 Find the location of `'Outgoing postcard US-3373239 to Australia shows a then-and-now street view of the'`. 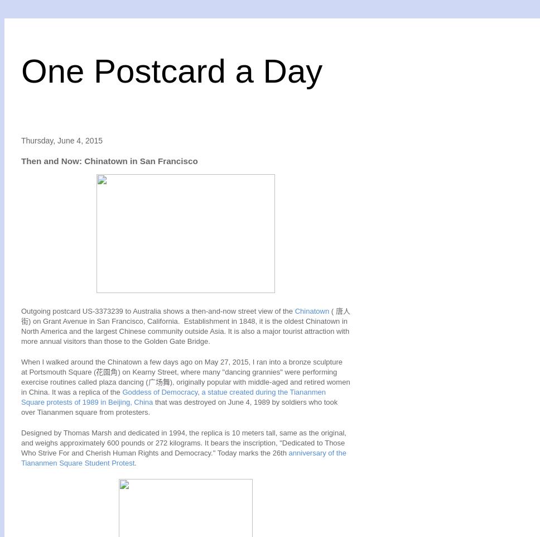

'Outgoing postcard US-3373239 to Australia shows a then-and-now street view of the' is located at coordinates (157, 310).